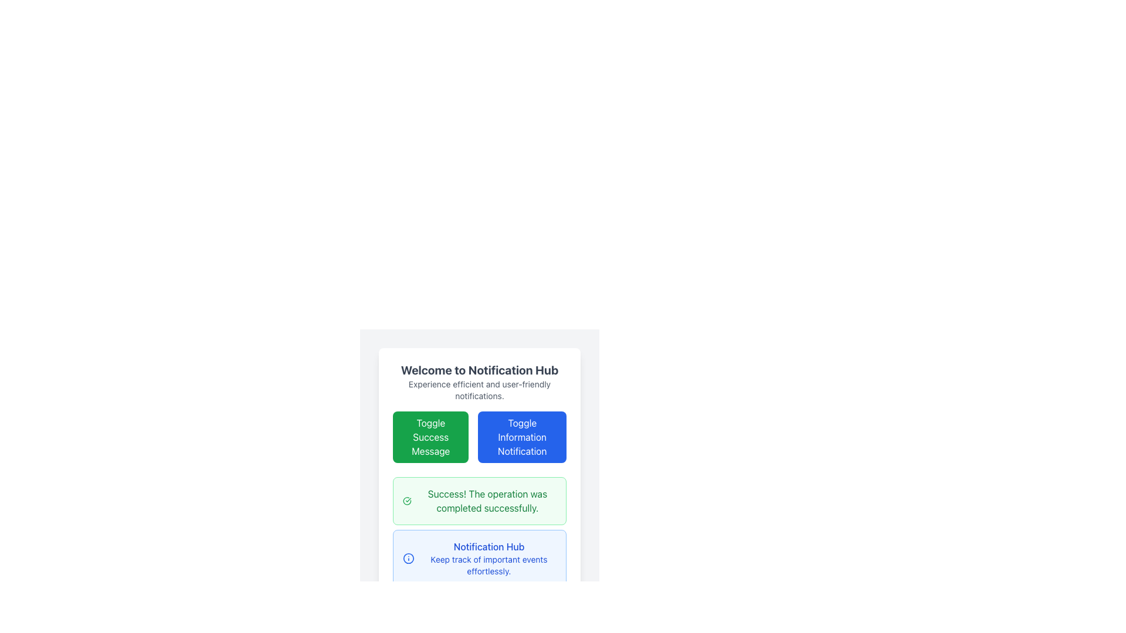 The height and width of the screenshot is (633, 1126). What do you see at coordinates (479, 501) in the screenshot?
I see `text from the Notification Card, which is located in the middle section of the layout, positioned below the 'Toggle Success Message' and 'Toggle Information Notification' buttons, and above the 'Notification Hub' card` at bounding box center [479, 501].